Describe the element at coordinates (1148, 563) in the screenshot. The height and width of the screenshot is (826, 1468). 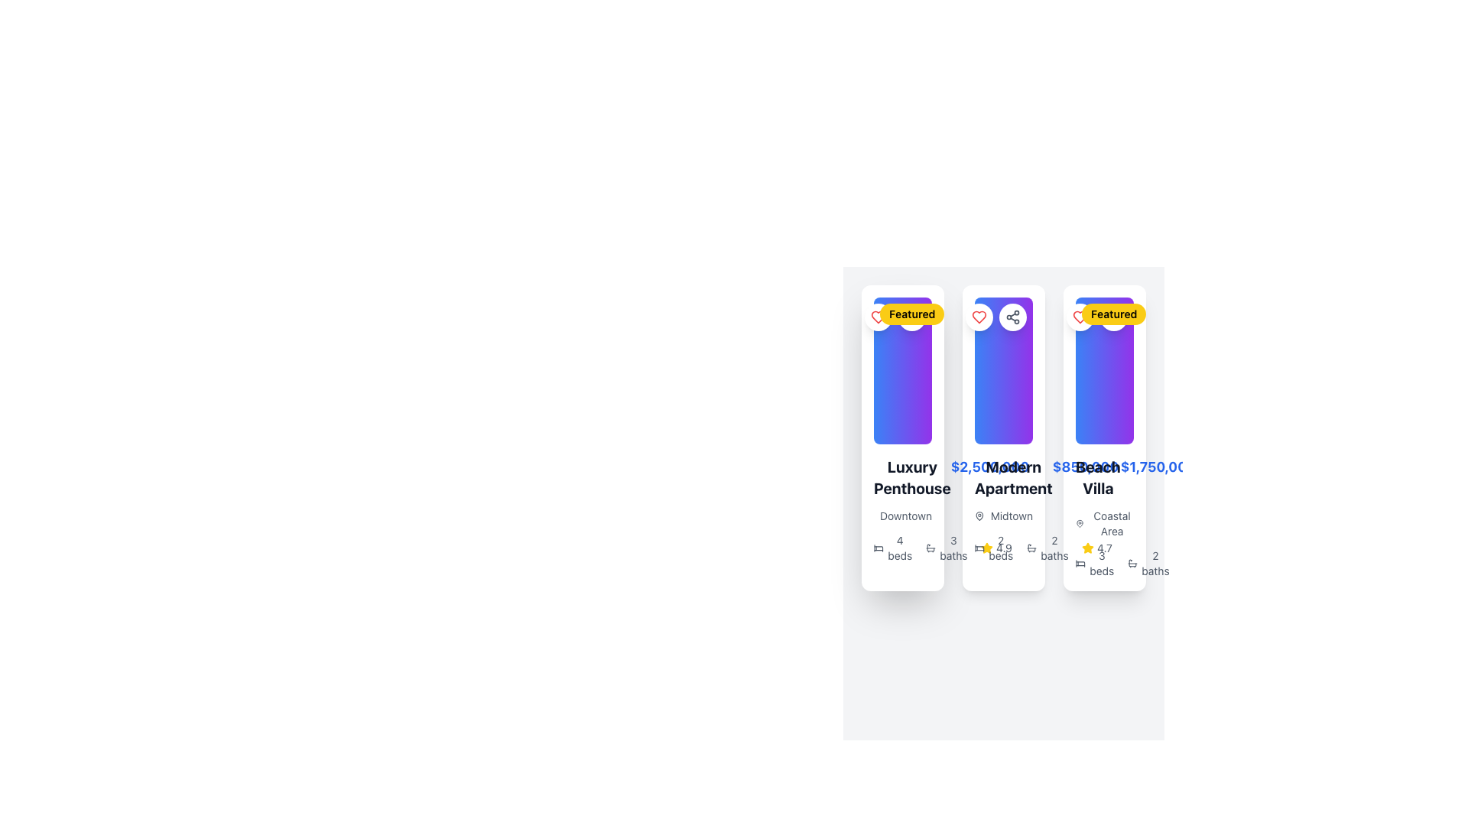
I see `the information displayed in the composite UI element that shows the number of bathrooms available, labeled '2 baths', located in the third property card` at that location.